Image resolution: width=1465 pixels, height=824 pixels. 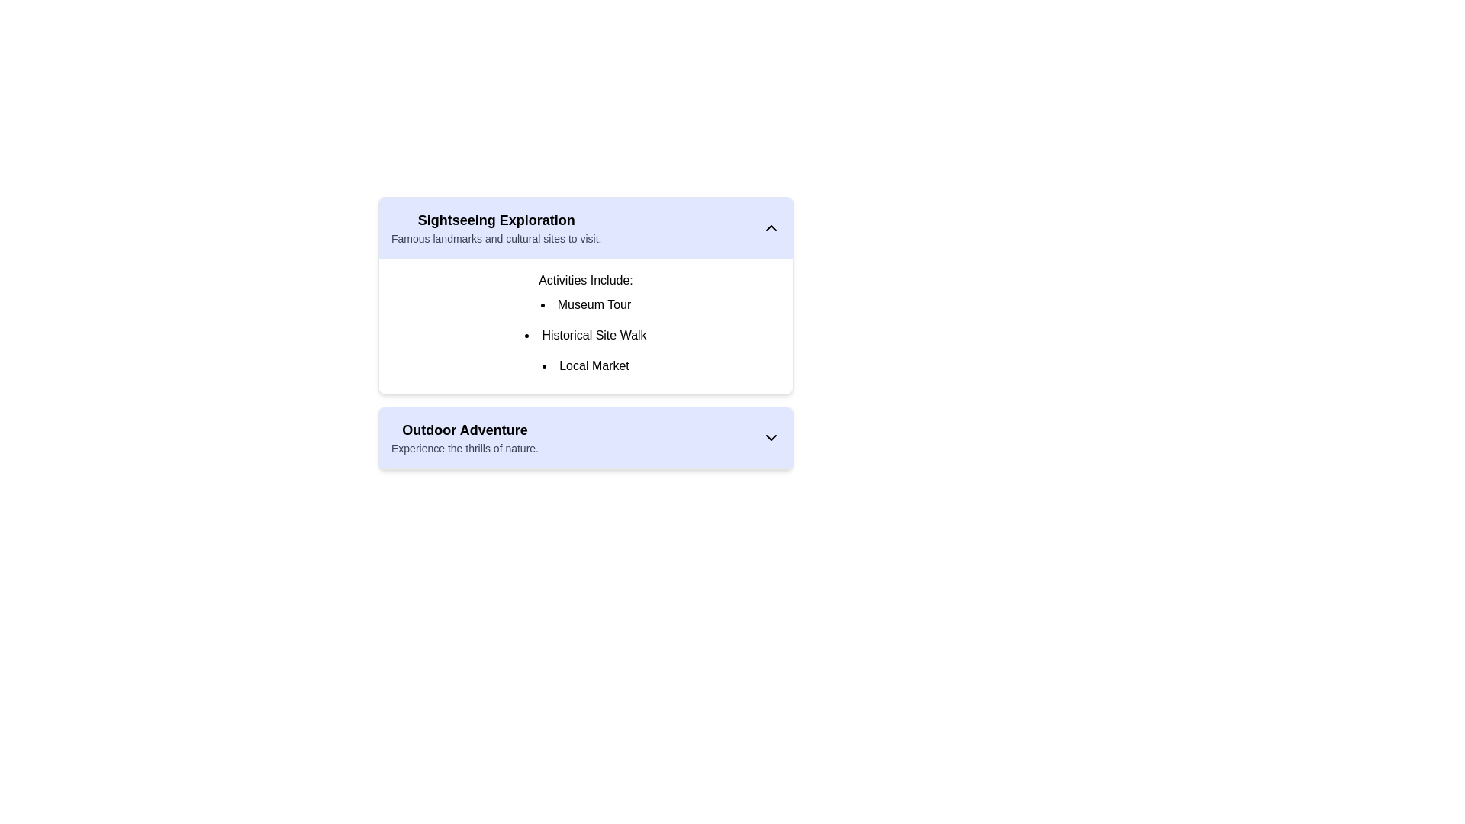 I want to click on the bold, large-sized text element reading 'Outdoor Adventure', so click(x=464, y=430).